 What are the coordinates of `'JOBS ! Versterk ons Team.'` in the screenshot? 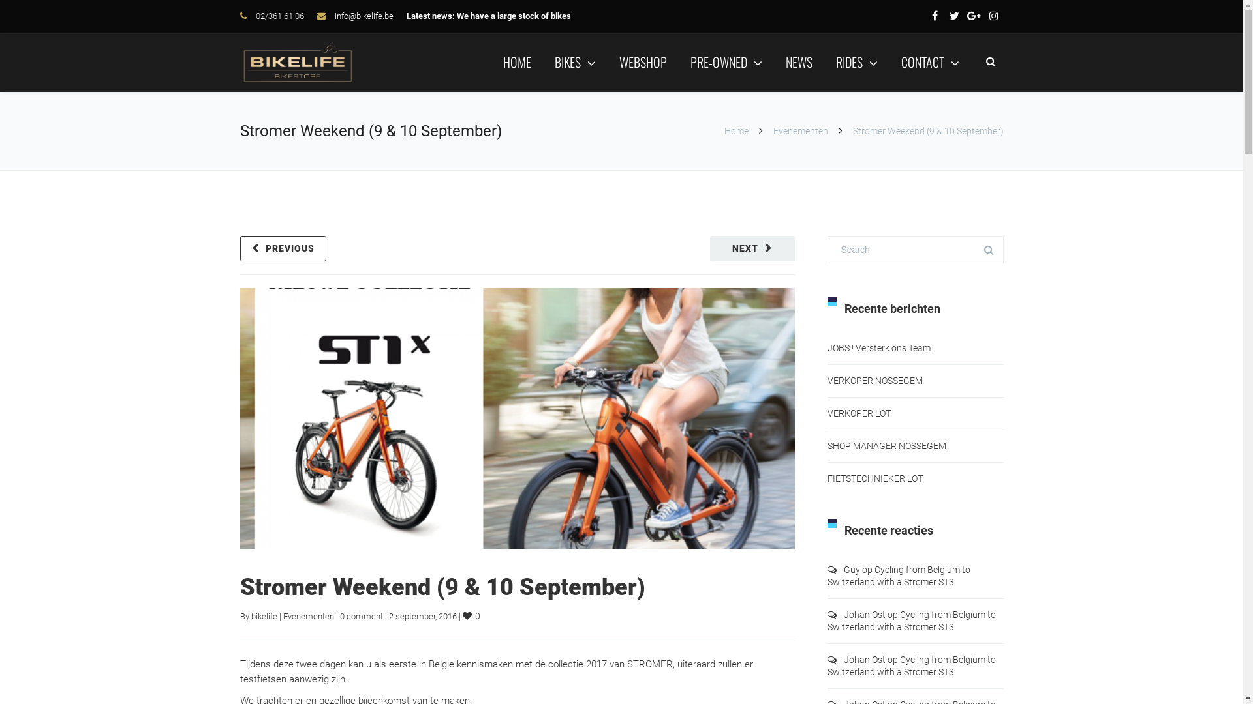 It's located at (880, 347).